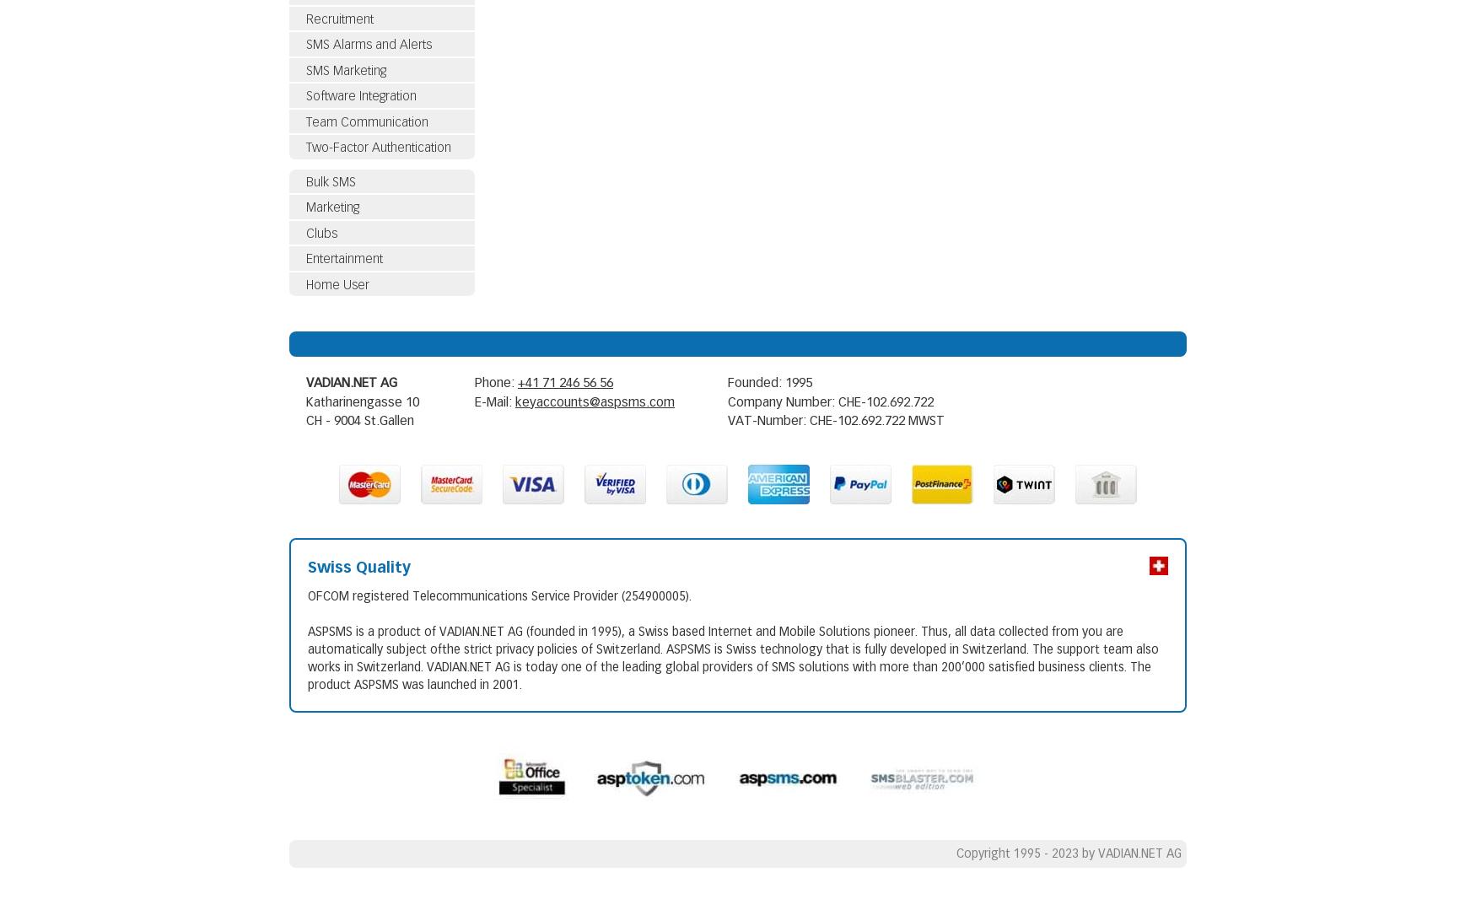 The image size is (1476, 910). What do you see at coordinates (733, 658) in the screenshot?
I see `'ASPSMS is a product of VADIAN.NET AG (founded in 1995), a Swiss based Internet and Mobile Solutions pioneer. Thus, all data collected from you are automatically subject ofthe strict privacy policies of Switzerland. ASPSMS is Swiss technology that is fully developed in Switzerland. The support team also works in Switzerland. VADIAN.NET AG is today one of the leading global providers of SMS solutions with more than 200’000 satisfied business clients. The product ASPSMS was launched in 2001.'` at bounding box center [733, 658].